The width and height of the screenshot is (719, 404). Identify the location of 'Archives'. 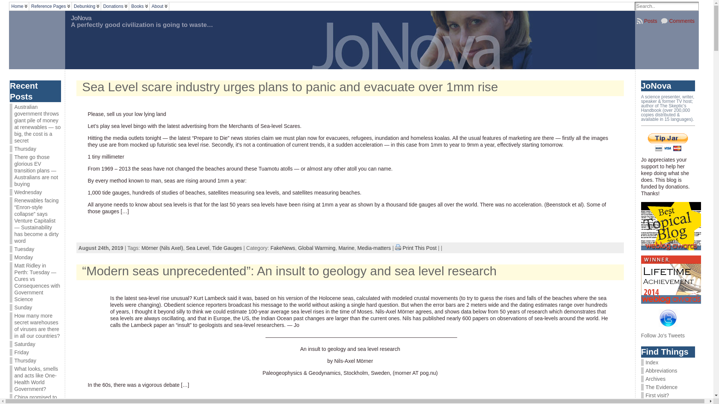
(668, 379).